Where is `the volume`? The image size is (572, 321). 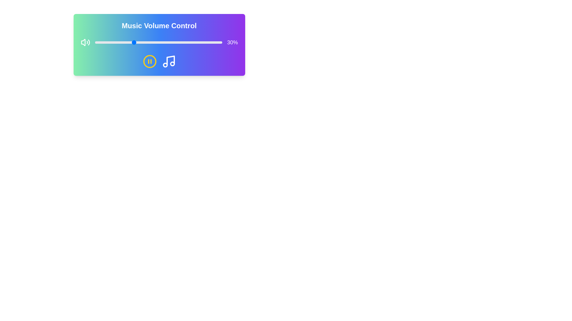 the volume is located at coordinates (126, 42).